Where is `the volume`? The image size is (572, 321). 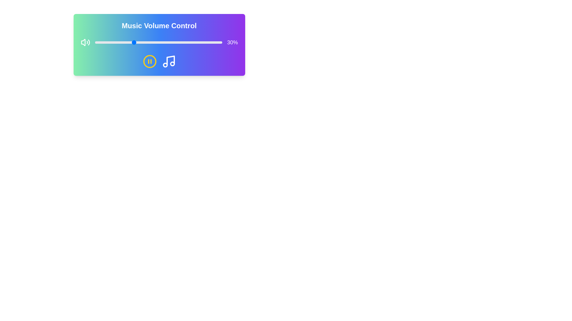 the volume is located at coordinates (126, 42).